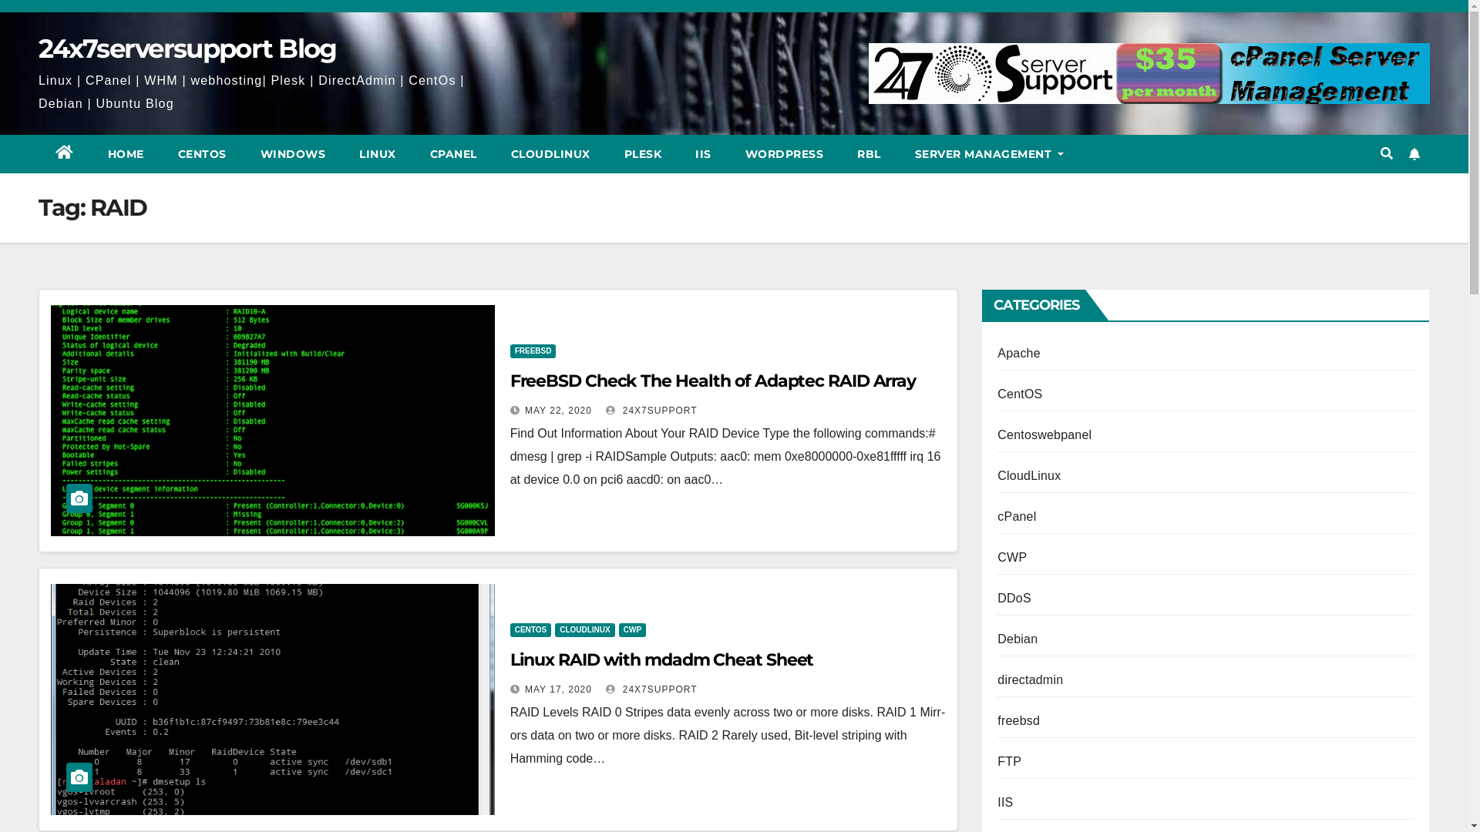 Image resolution: width=1480 pixels, height=832 pixels. What do you see at coordinates (1028, 475) in the screenshot?
I see `'CloudLinux'` at bounding box center [1028, 475].